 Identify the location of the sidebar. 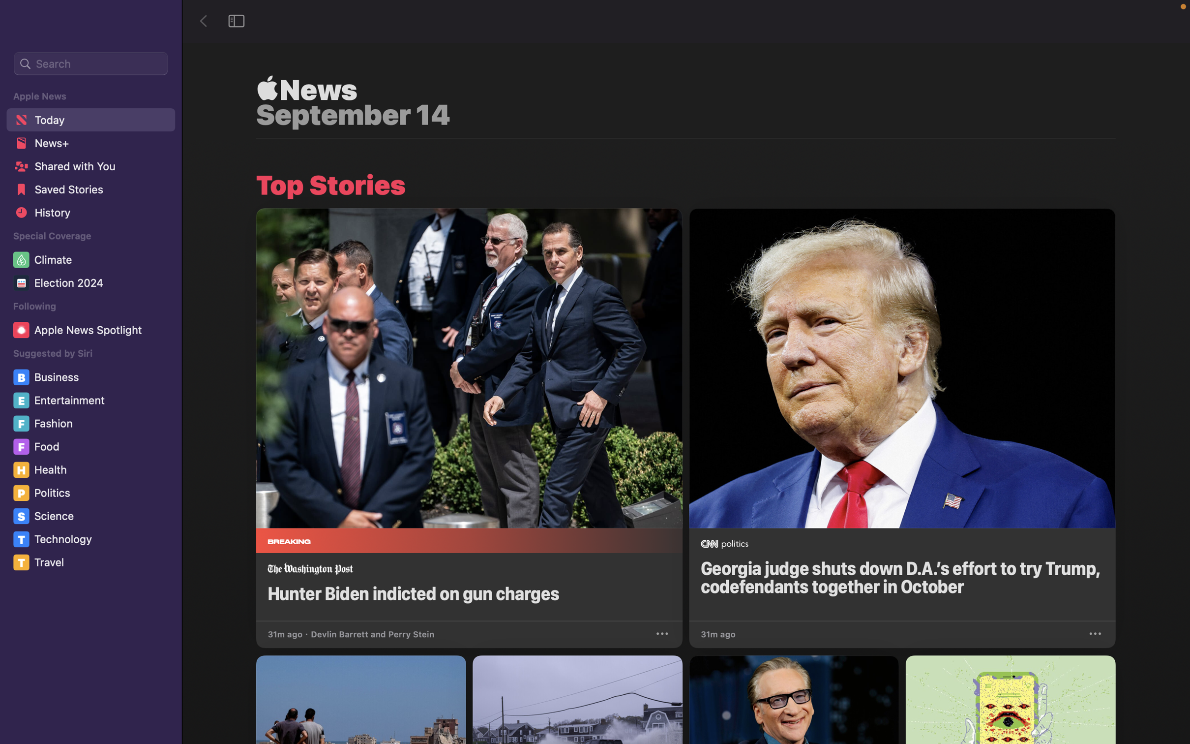
(237, 20).